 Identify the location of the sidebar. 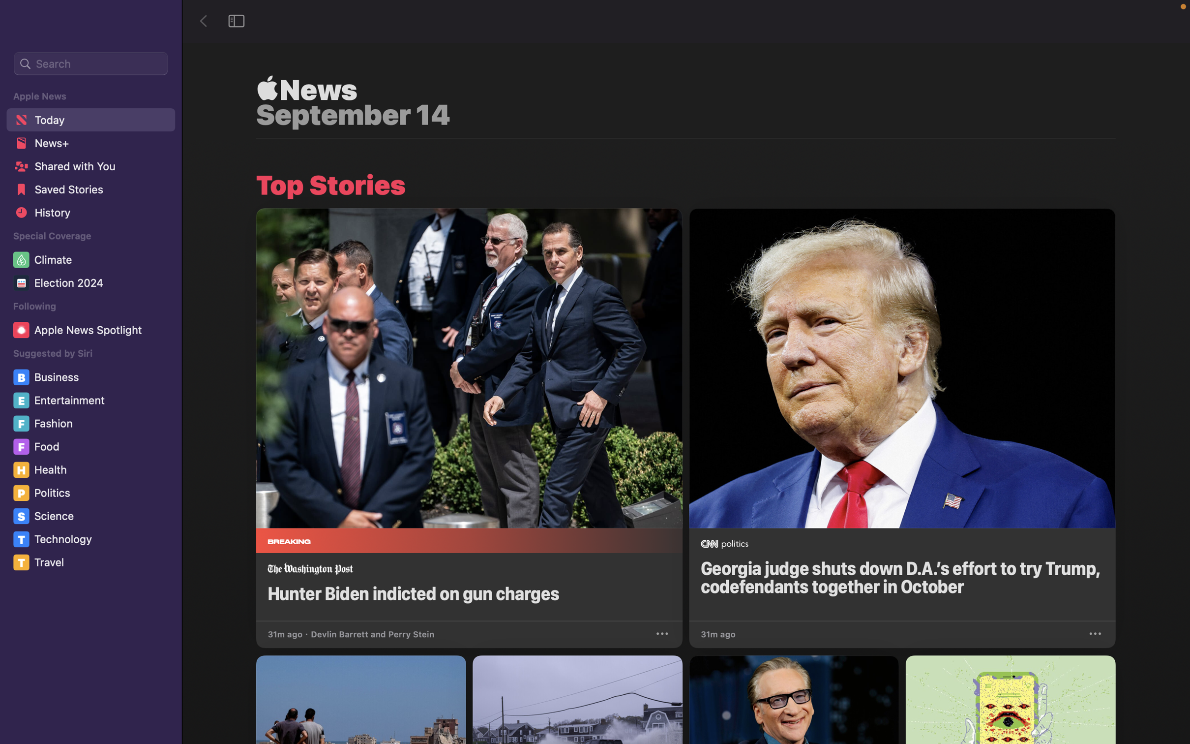
(237, 20).